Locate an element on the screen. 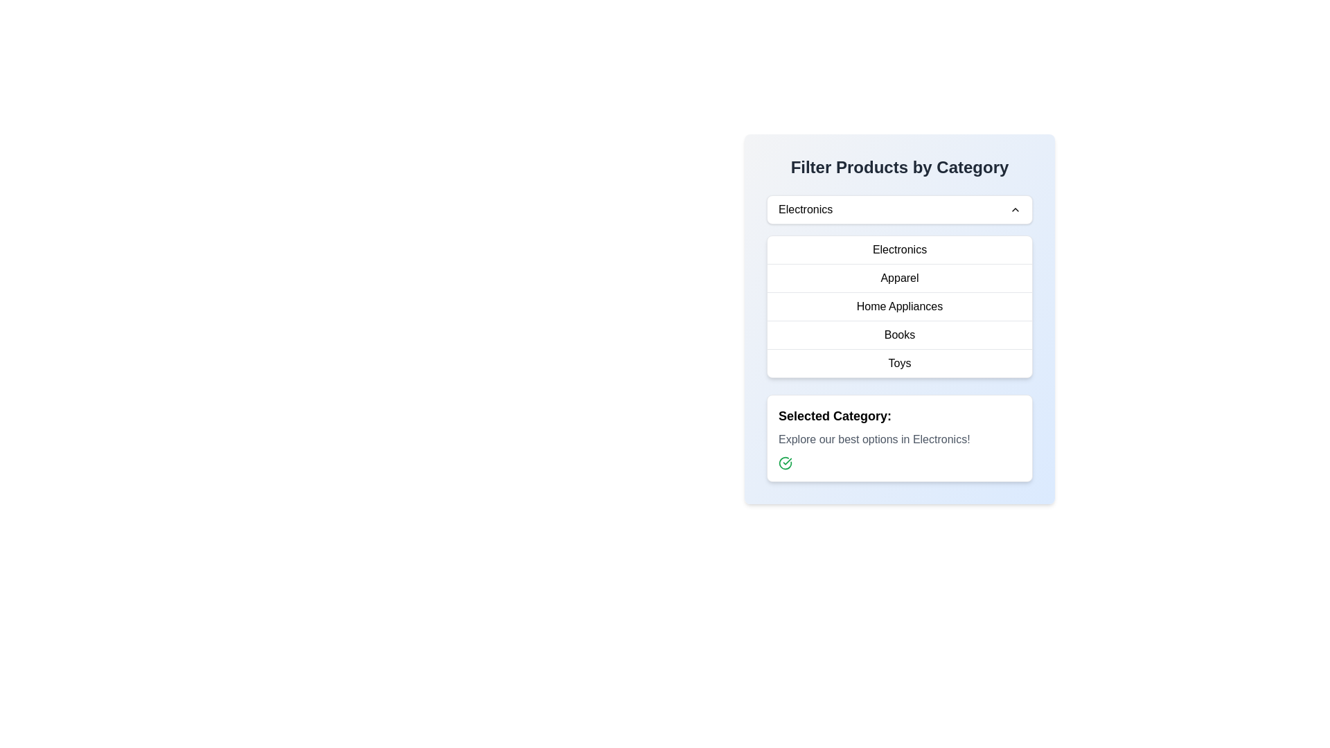 This screenshot has width=1330, height=748. the selectable category option labeled 'Apparel' in the list for filtering products, which is the second item under 'Filter Products by Category' is located at coordinates (900, 278).